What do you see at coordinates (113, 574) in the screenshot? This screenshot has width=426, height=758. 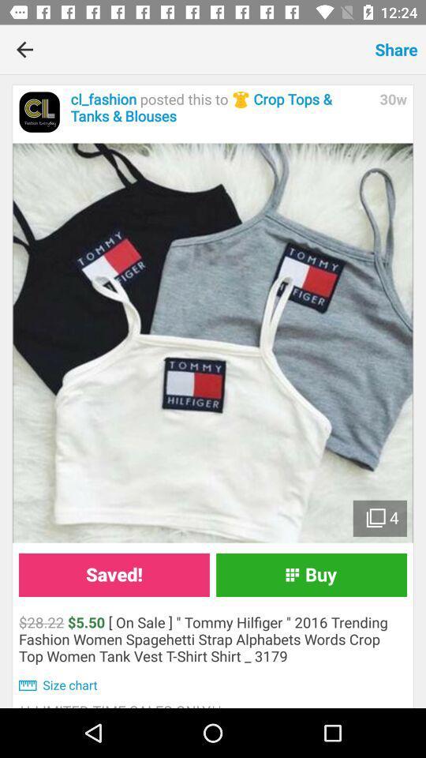 I see `icon above 28 22 5` at bounding box center [113, 574].